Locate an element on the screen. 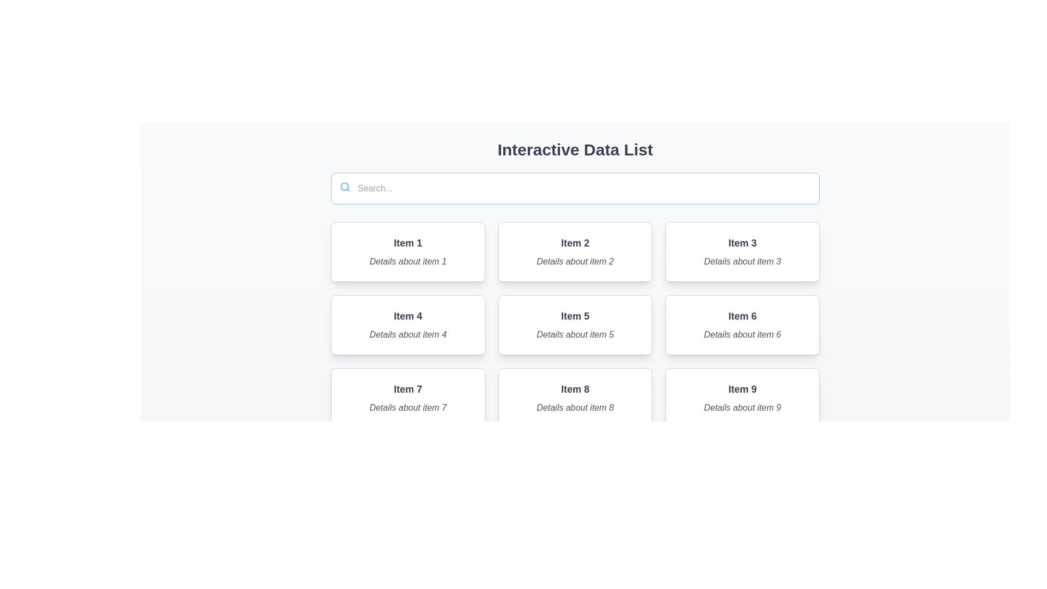 This screenshot has height=589, width=1047. the text label displaying 'Item 1', which is styled with a bold font and dark gray color, located at the top of a white rectangular card with rounded corners is located at coordinates (407, 243).